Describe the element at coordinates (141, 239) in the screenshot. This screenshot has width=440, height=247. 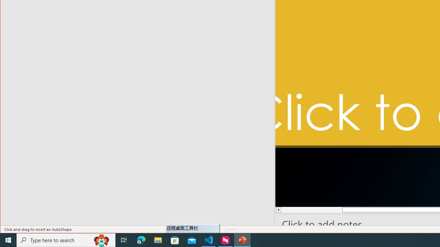
I see `'Microsoft Edge'` at that location.